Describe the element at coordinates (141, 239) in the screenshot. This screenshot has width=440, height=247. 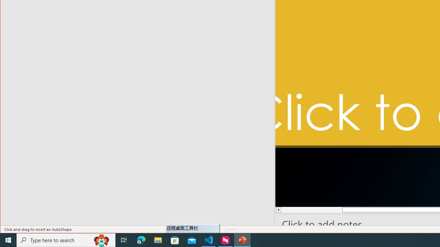
I see `'Microsoft Edge'` at that location.